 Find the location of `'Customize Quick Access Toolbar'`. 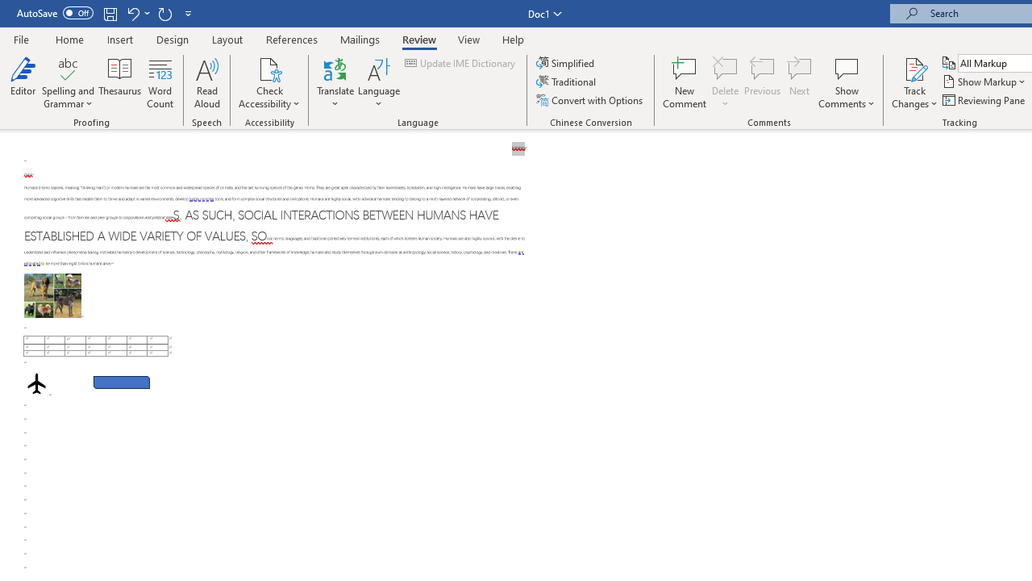

'Customize Quick Access Toolbar' is located at coordinates (189, 13).